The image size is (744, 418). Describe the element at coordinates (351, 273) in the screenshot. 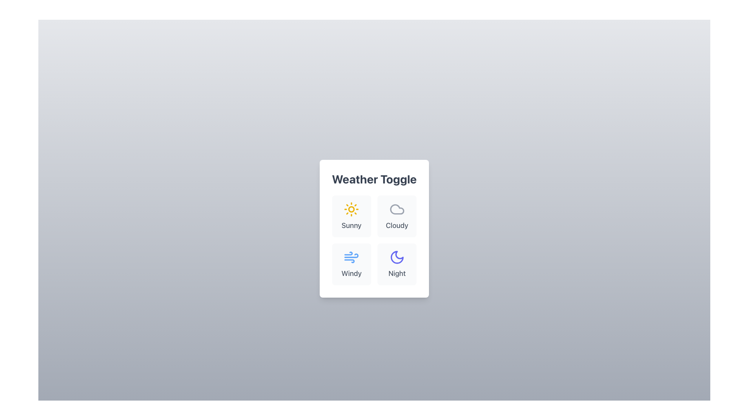

I see `the 'Windy' text label located at the bottom of the lower-left tile in the 2x2 grid of weather options under the 'Weather Toggle' title` at that location.